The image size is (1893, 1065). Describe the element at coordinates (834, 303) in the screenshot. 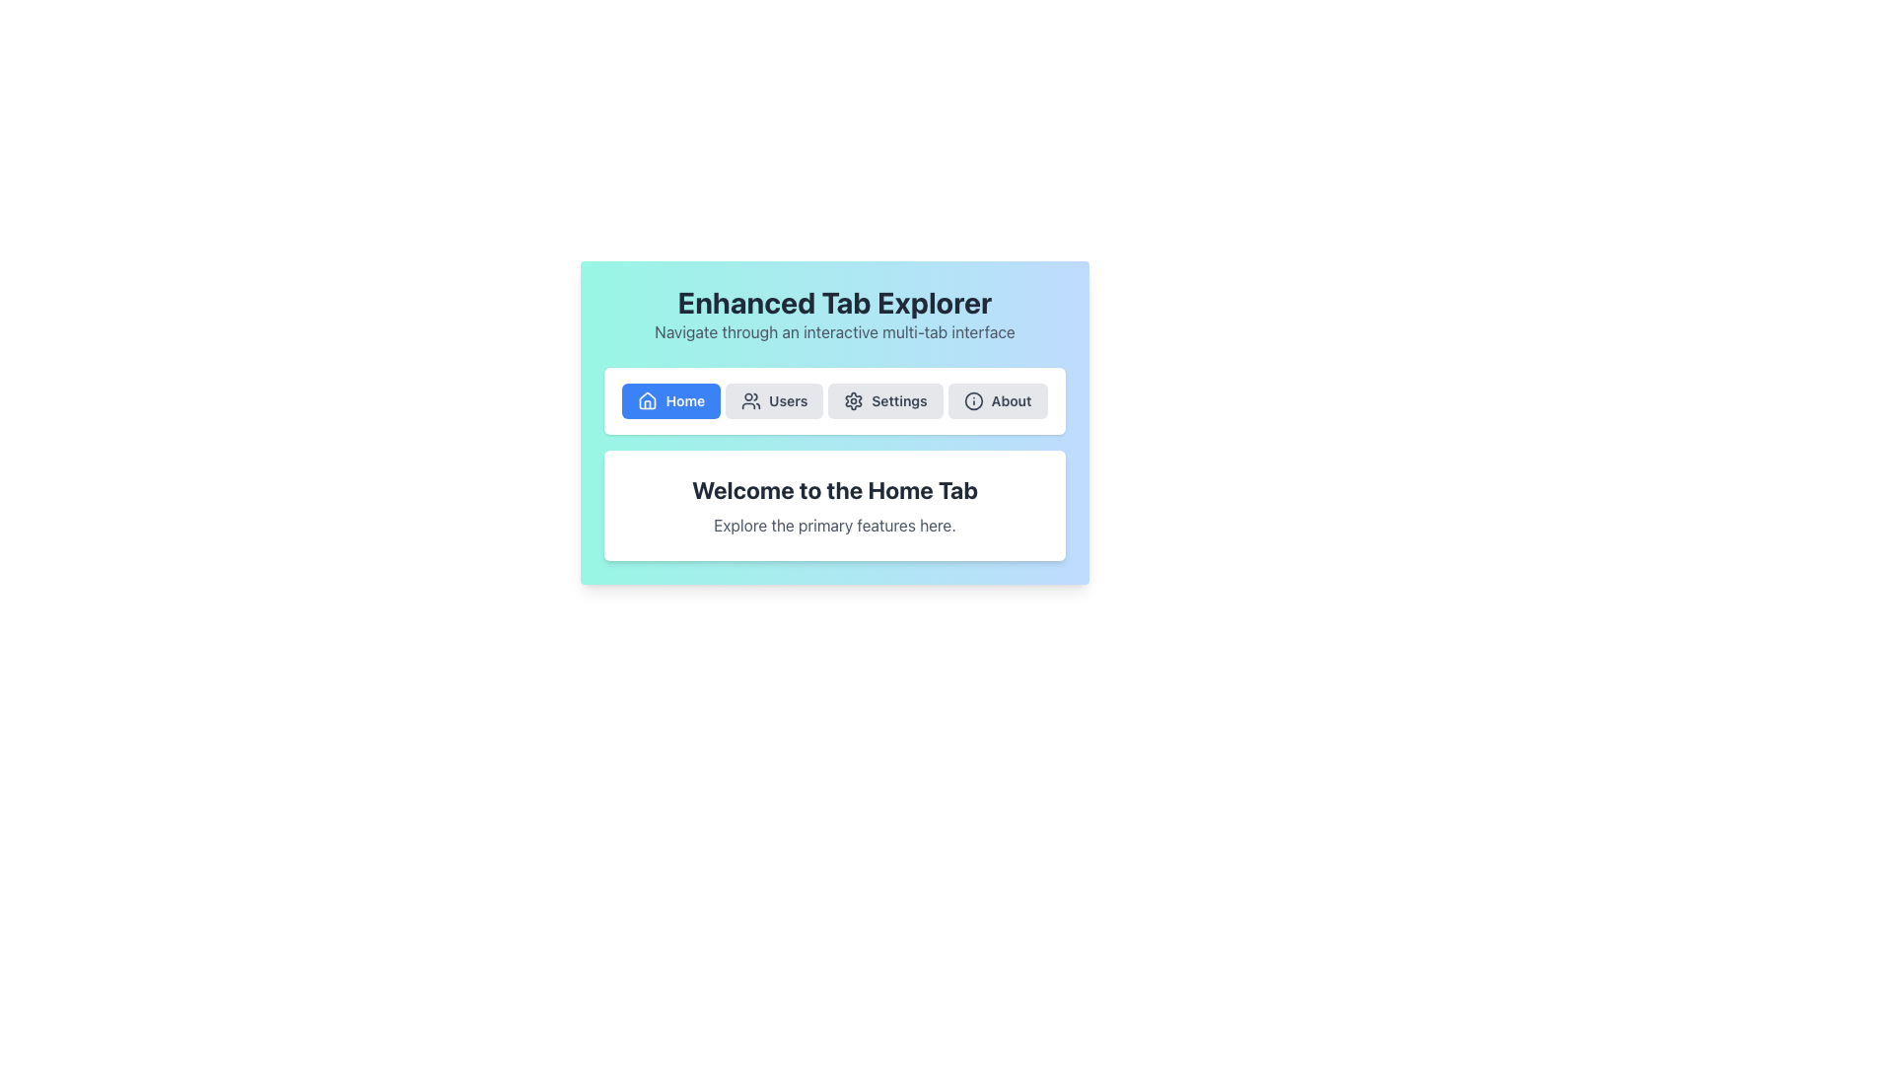

I see `bold, large-sized title text stating 'Enhanced Tab Explorer' which is centrally aligned at the top of the card with a gradient background` at that location.